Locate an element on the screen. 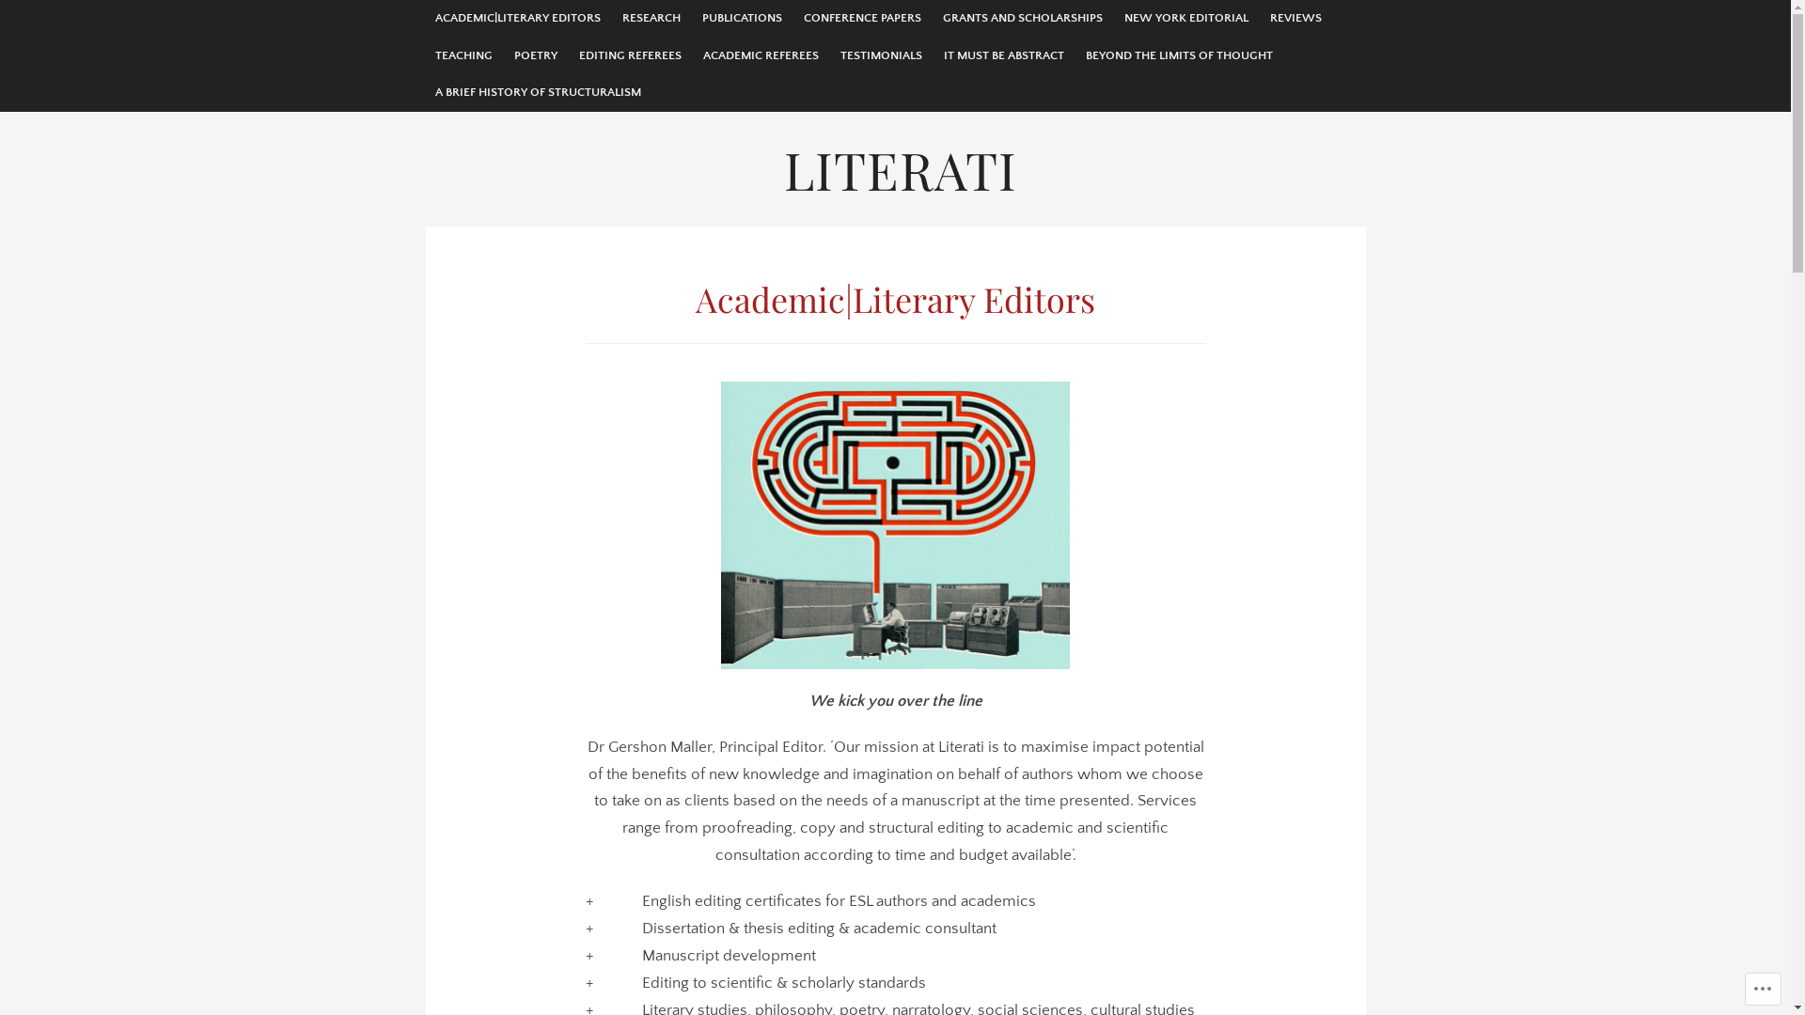  'A BRIEF HISTORY OF STRUCTURALISM' is located at coordinates (536, 93).